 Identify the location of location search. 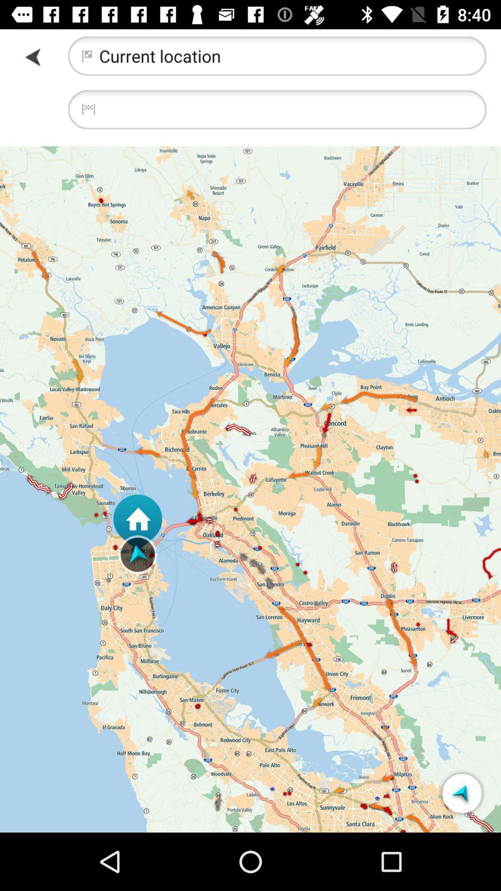
(276, 110).